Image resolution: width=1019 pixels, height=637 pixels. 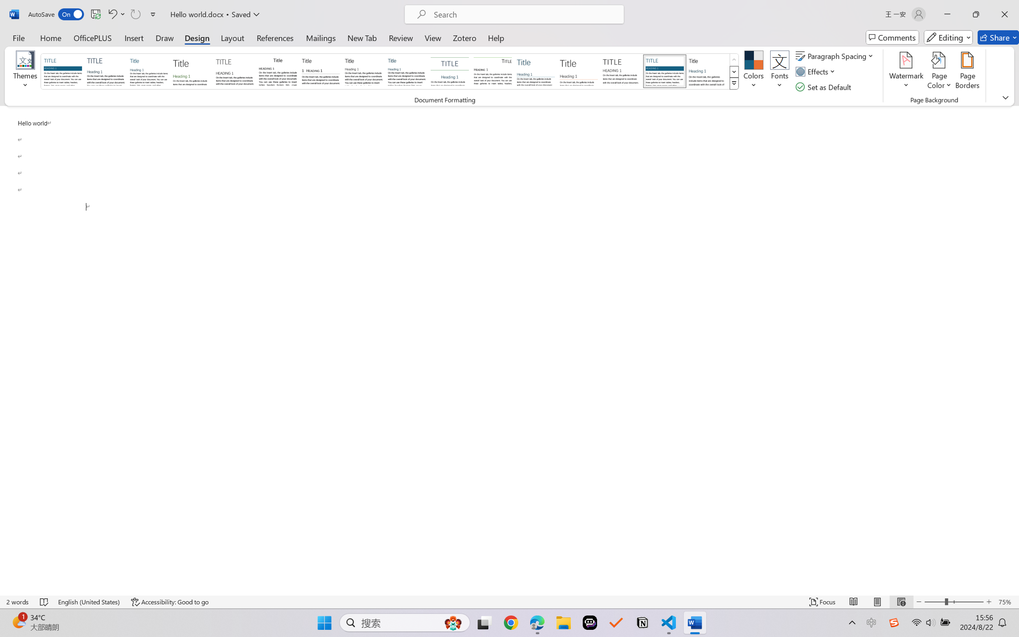 What do you see at coordinates (400, 37) in the screenshot?
I see `'Review'` at bounding box center [400, 37].